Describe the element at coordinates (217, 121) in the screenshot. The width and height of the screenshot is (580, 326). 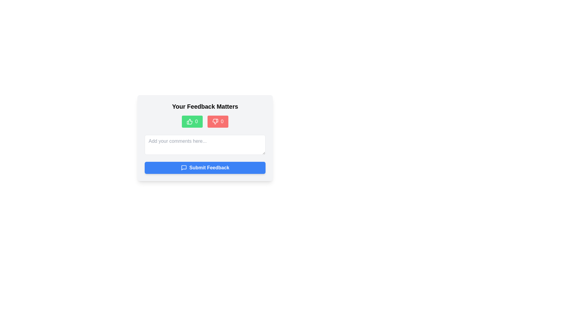
I see `the red rounded button with a thumbs-down icon located under the title 'Your Feedback Matters'` at that location.